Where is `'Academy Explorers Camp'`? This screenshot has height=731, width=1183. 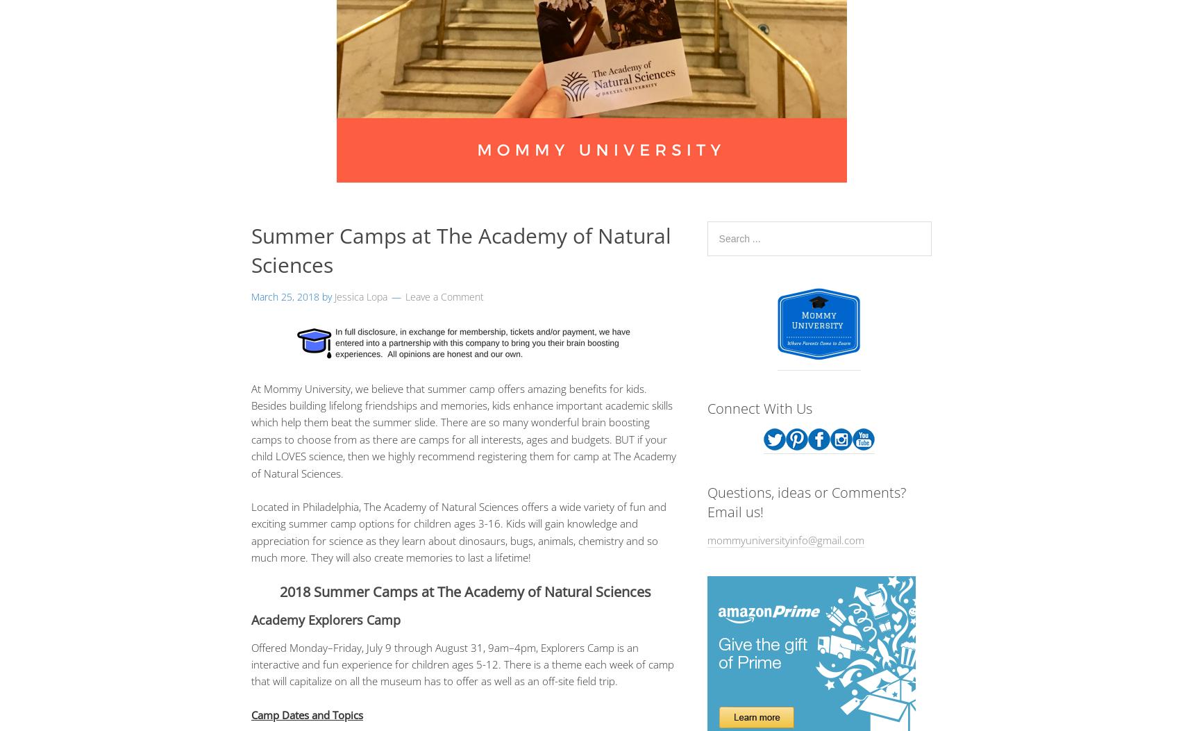 'Academy Explorers Camp' is located at coordinates (326, 620).